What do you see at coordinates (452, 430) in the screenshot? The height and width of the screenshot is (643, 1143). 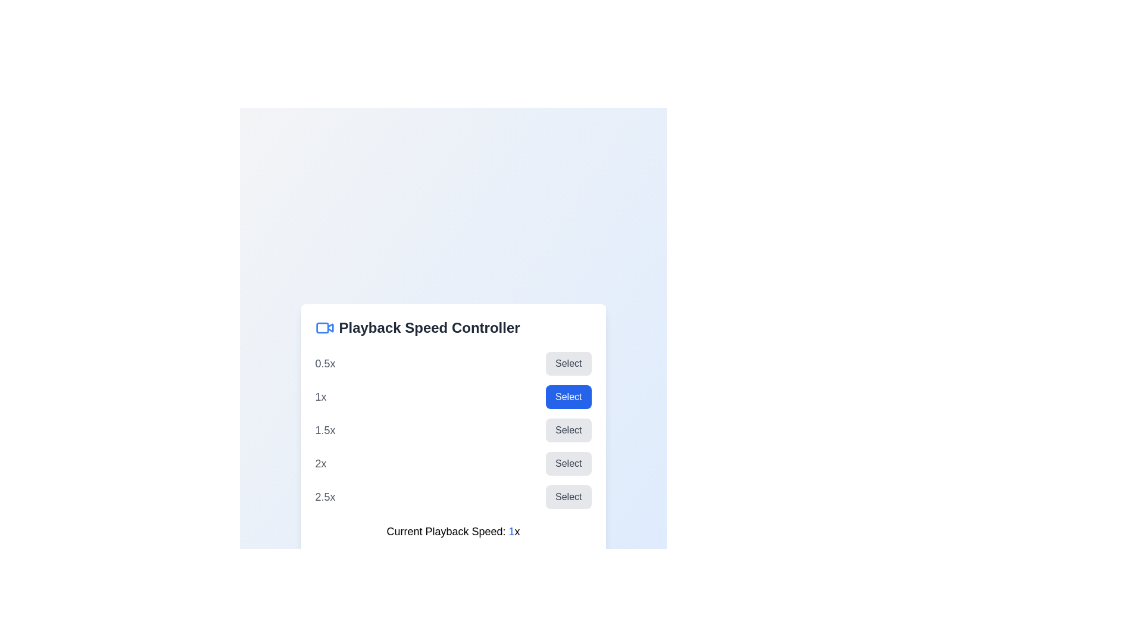 I see `the 'Select' button for the desired playback speed option in the 'Playback Speed Controller' list, which allows the user to set the playback speed` at bounding box center [452, 430].